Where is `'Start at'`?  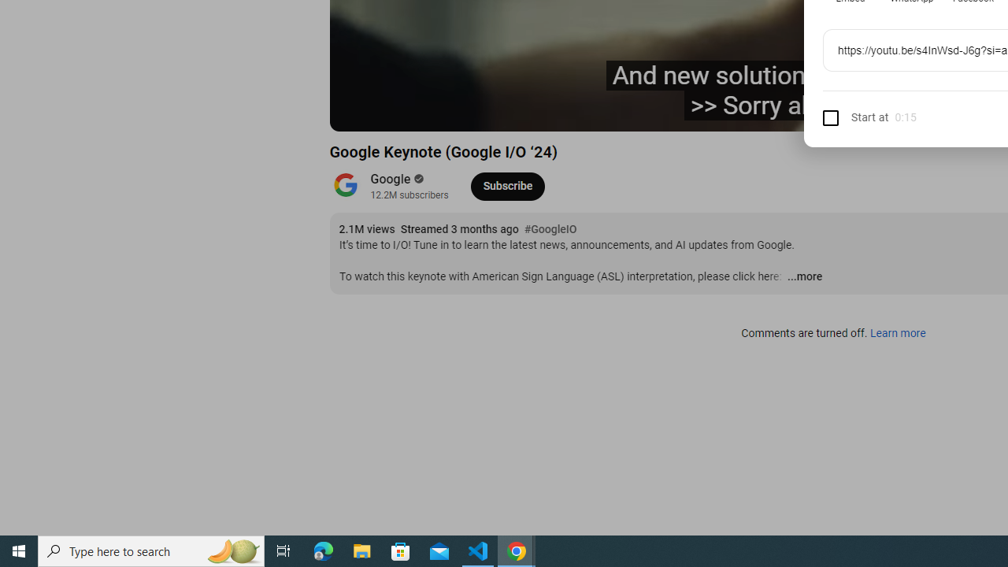
'Start at' is located at coordinates (854, 117).